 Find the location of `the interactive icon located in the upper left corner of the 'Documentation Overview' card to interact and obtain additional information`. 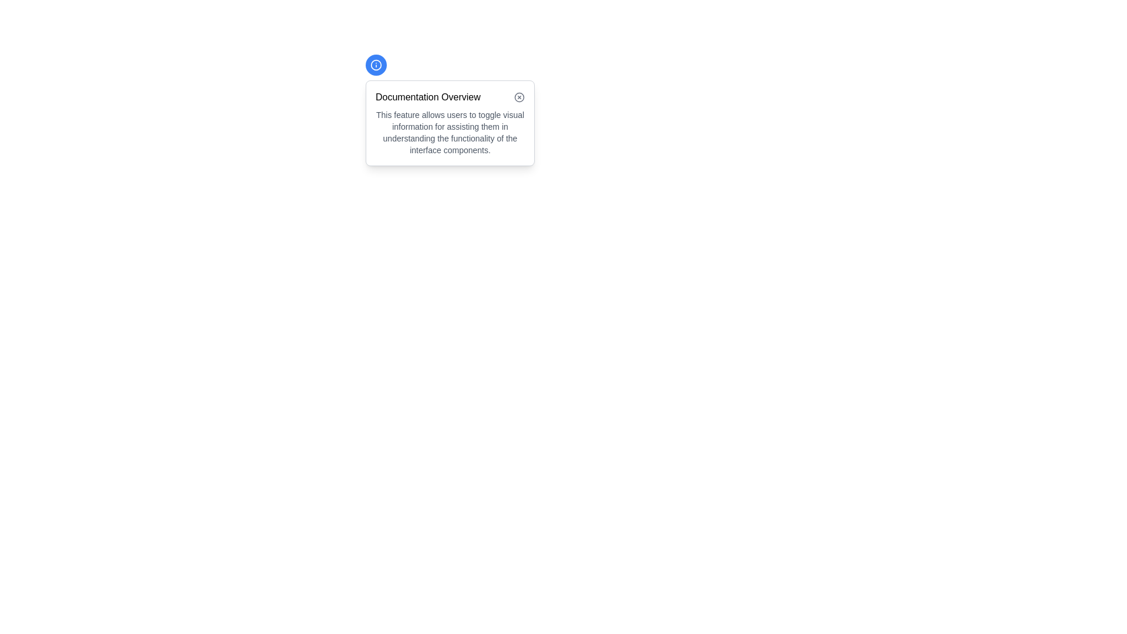

the interactive icon located in the upper left corner of the 'Documentation Overview' card to interact and obtain additional information is located at coordinates (376, 65).